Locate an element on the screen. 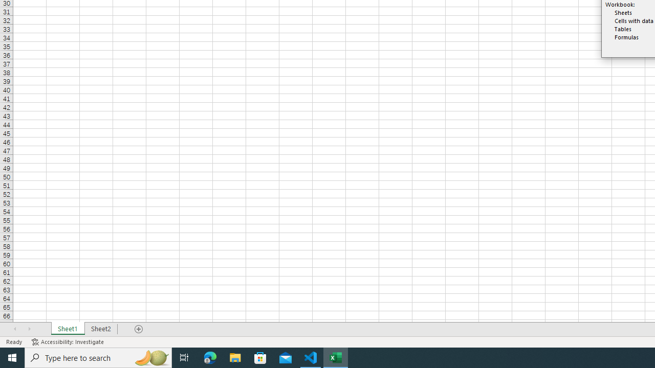 The image size is (655, 368). 'Microsoft Store' is located at coordinates (260, 357).